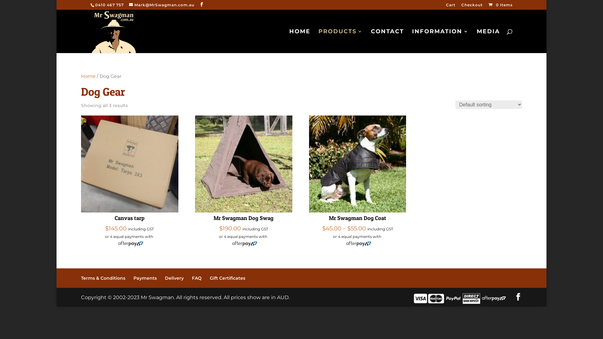 The height and width of the screenshot is (339, 603). What do you see at coordinates (88, 76) in the screenshot?
I see `'Home'` at bounding box center [88, 76].